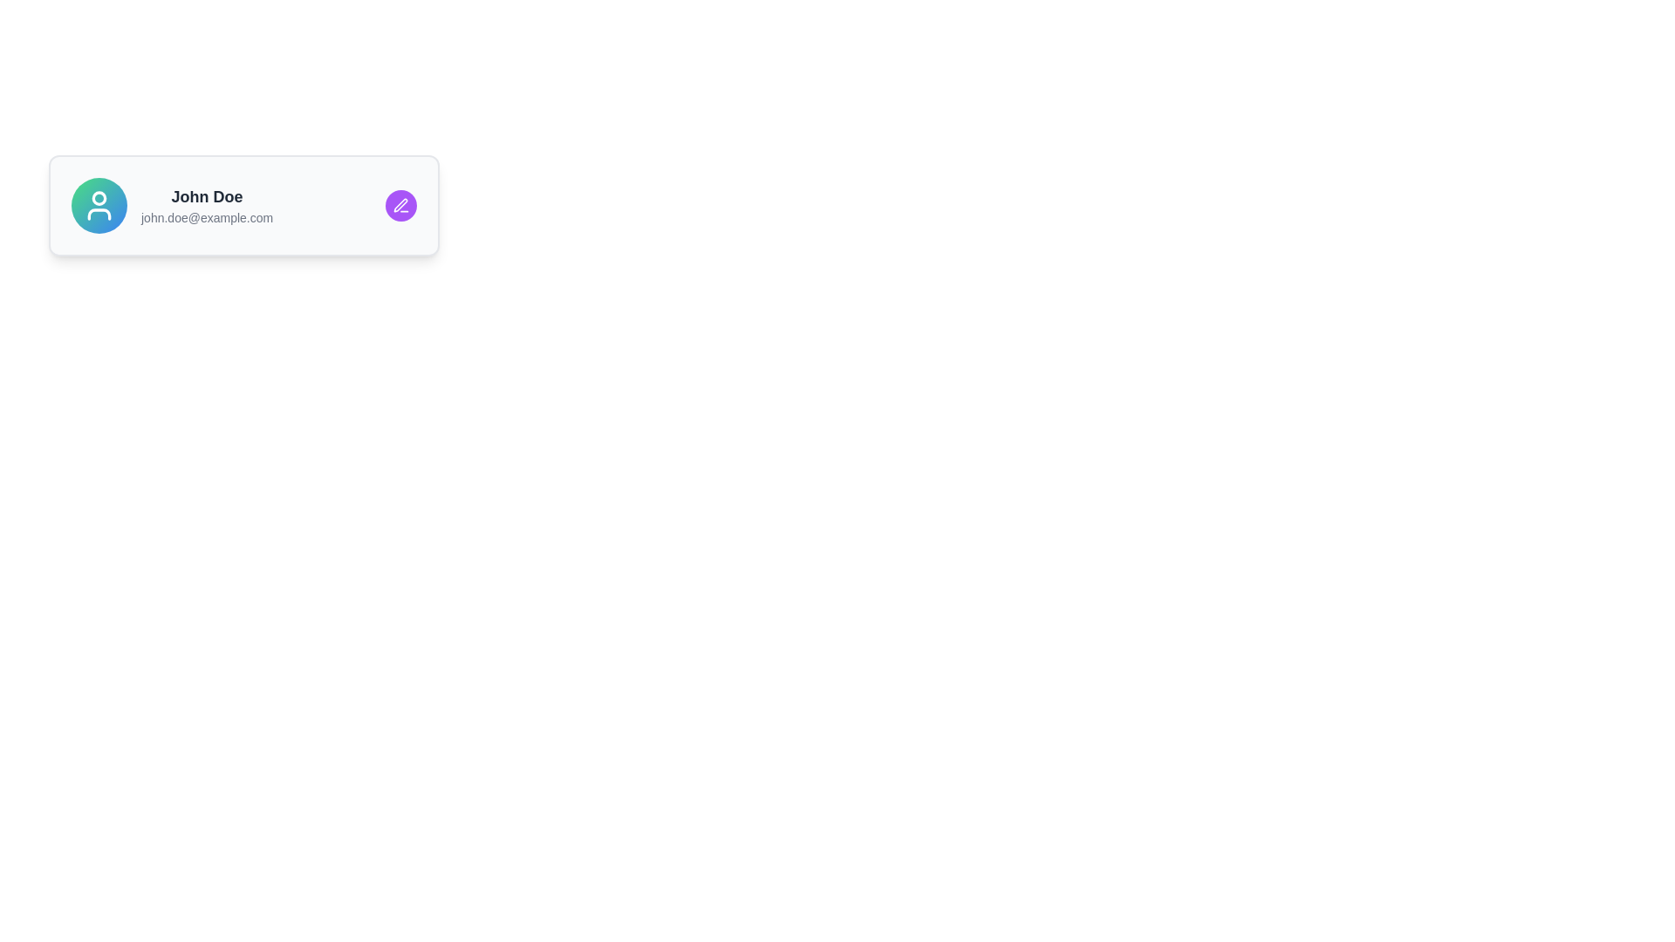  Describe the element at coordinates (99, 197) in the screenshot. I see `the small circular shape representing the head in the user profile icon, which is located at the top-central region of the SVG` at that location.